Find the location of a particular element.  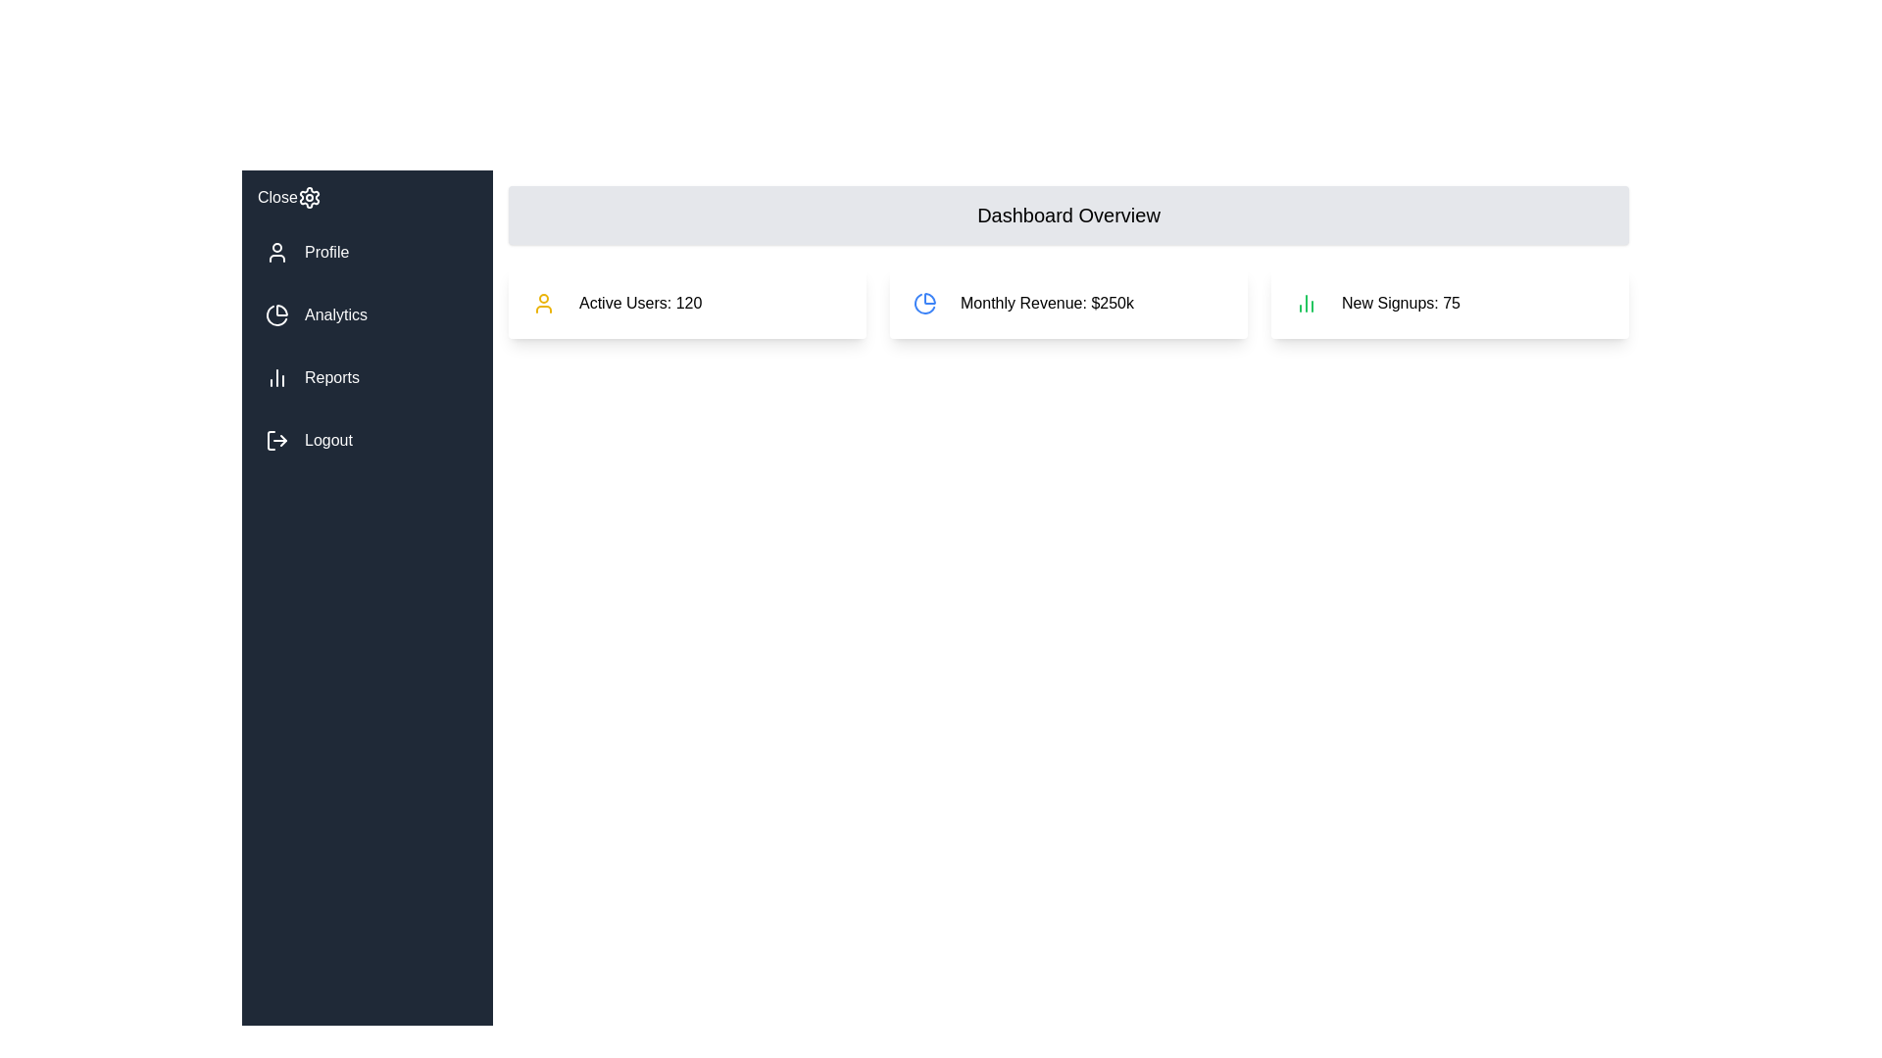

the navigation group element in the sidebar is located at coordinates (367, 346).